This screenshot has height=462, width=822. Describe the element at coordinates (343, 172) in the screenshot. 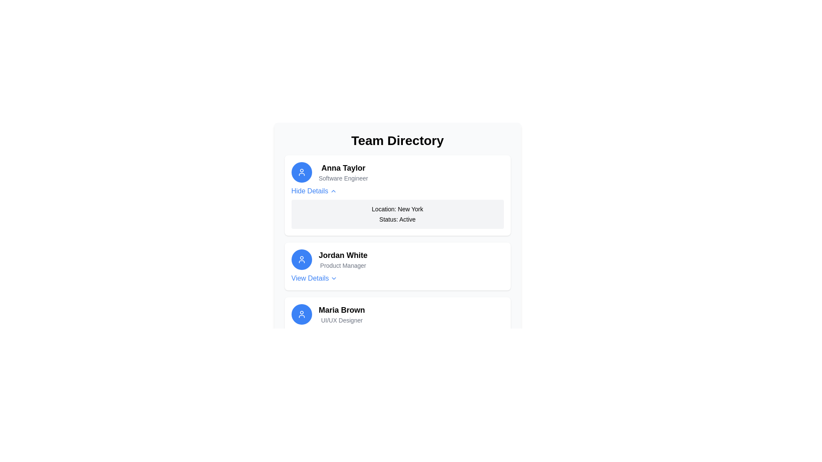

I see `the static informational text display that conveys the name and professional title of a listed individual in the team directory, located to the right of the circular blue user icon` at that location.